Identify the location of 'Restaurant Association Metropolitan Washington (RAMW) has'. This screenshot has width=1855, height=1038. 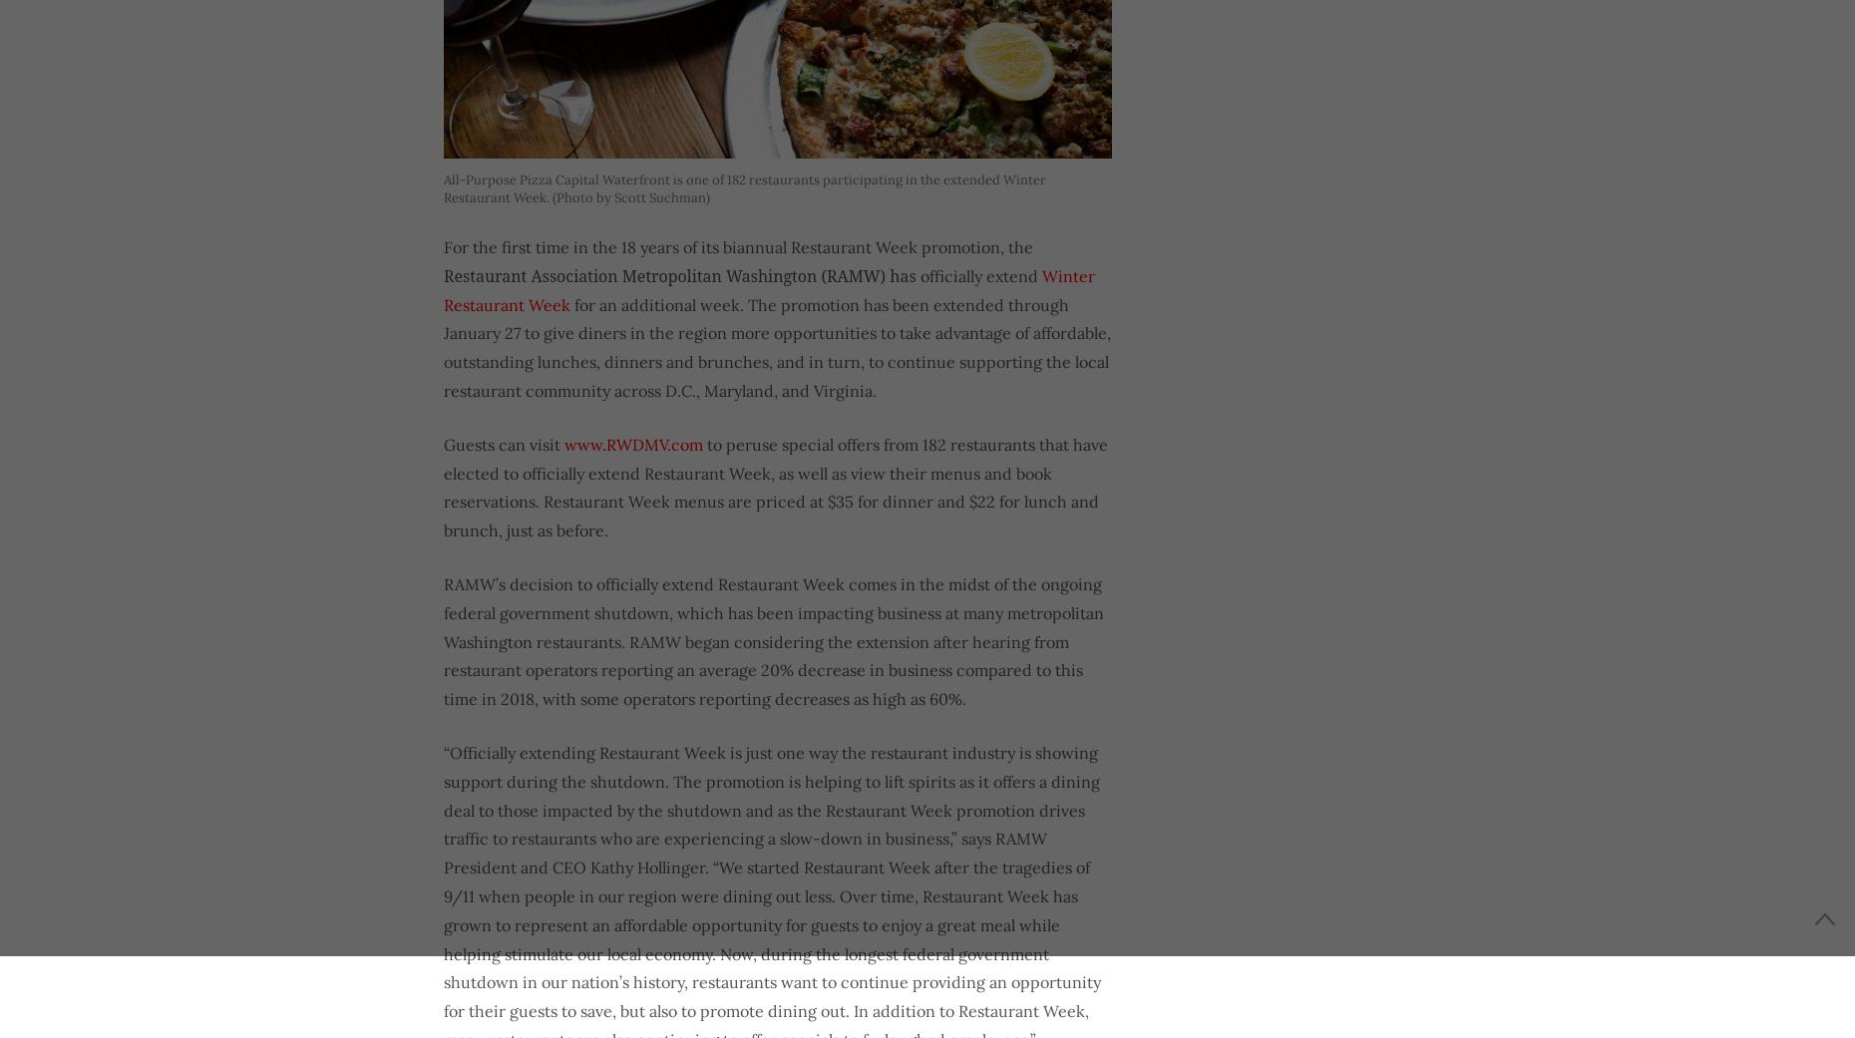
(443, 273).